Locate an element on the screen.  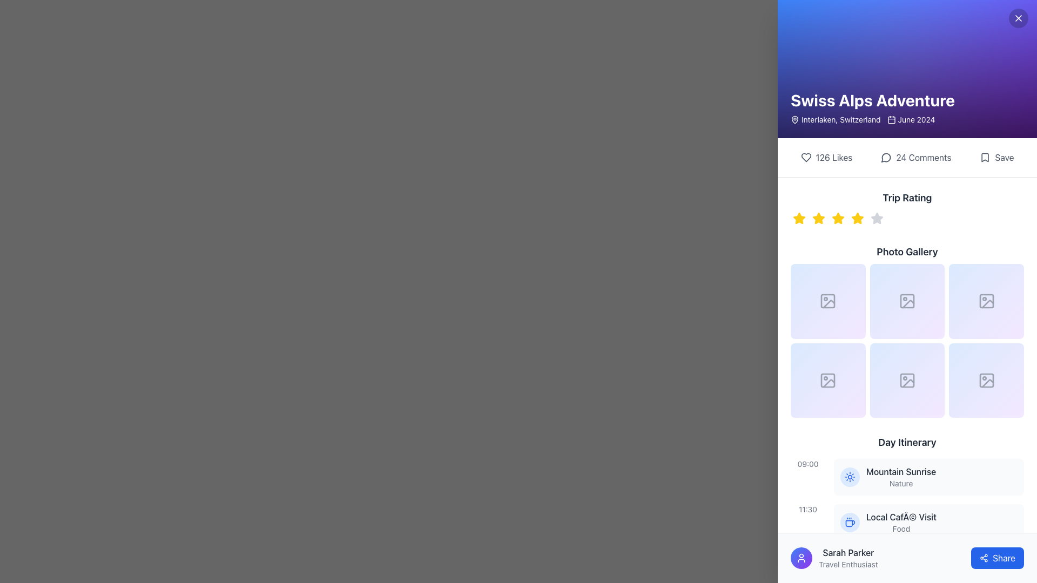
the second star-shaped rating icon in yellow, which is part of the Trip Rating area is located at coordinates (837, 219).